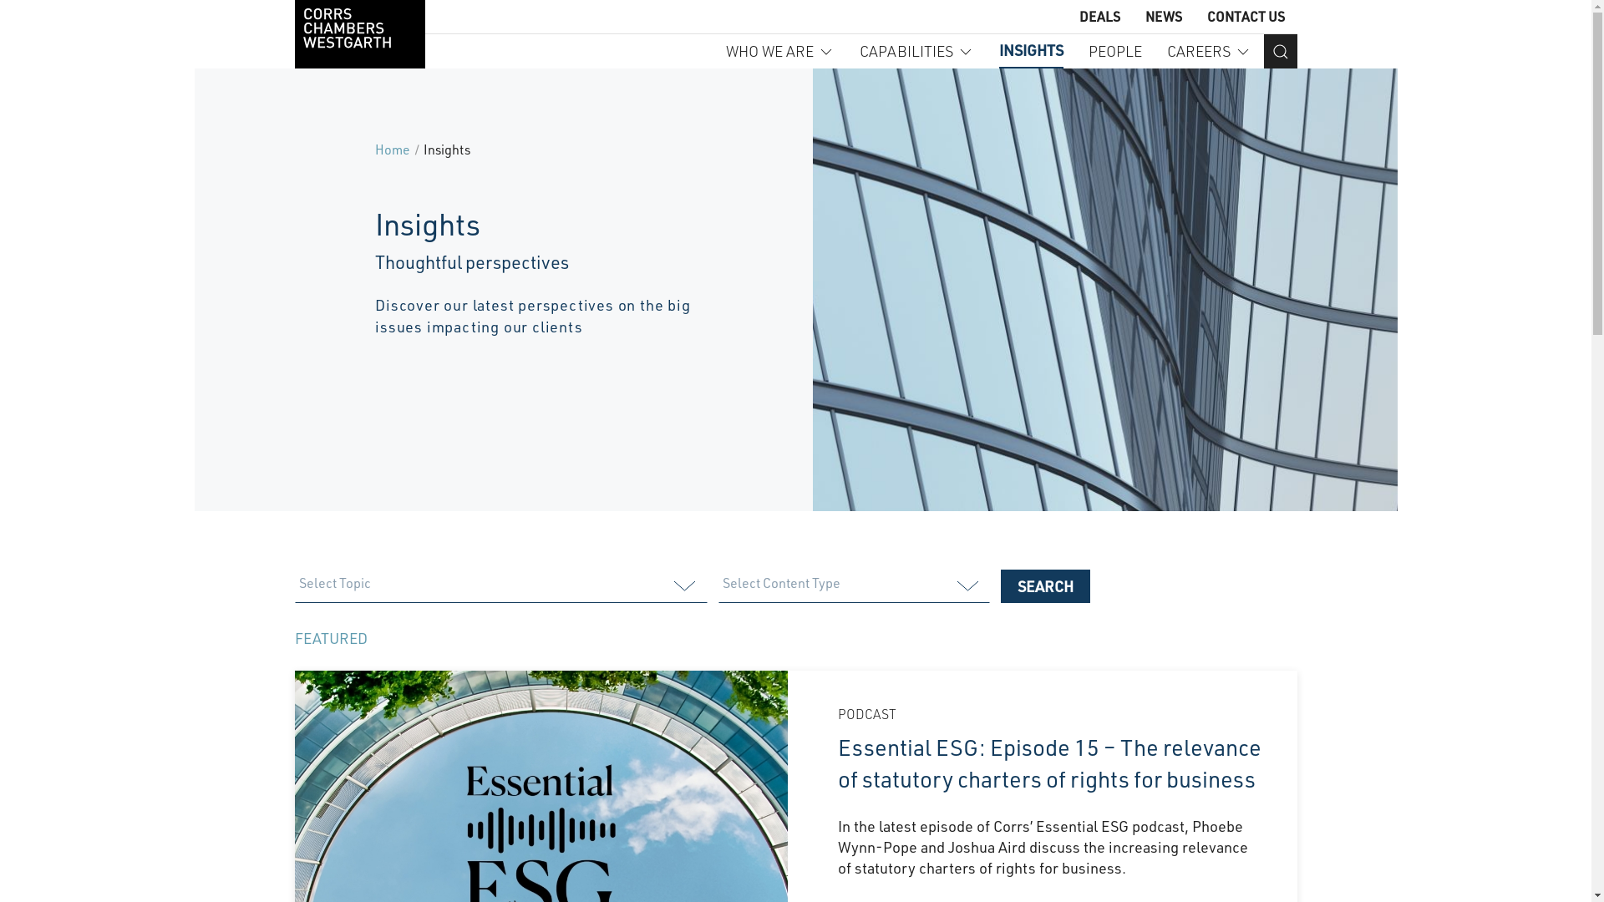 The image size is (1604, 902). What do you see at coordinates (778, 50) in the screenshot?
I see `'WHO WE ARE'` at bounding box center [778, 50].